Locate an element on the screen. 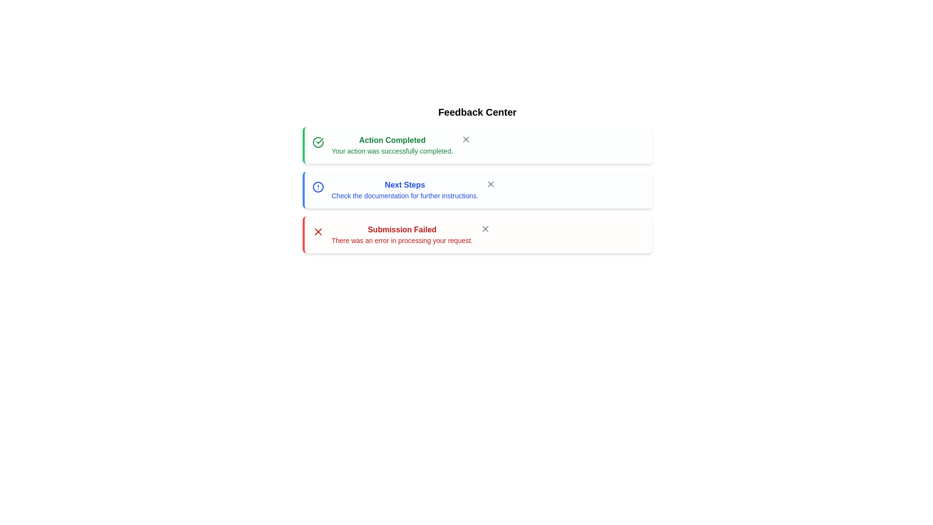 The image size is (933, 525). the alert with error type to see the hover effect is located at coordinates (477, 234).